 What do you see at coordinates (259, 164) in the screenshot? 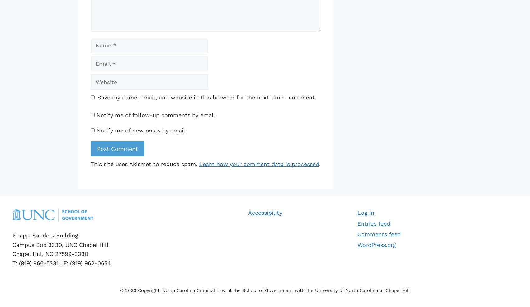
I see `'Learn how your comment data is processed'` at bounding box center [259, 164].